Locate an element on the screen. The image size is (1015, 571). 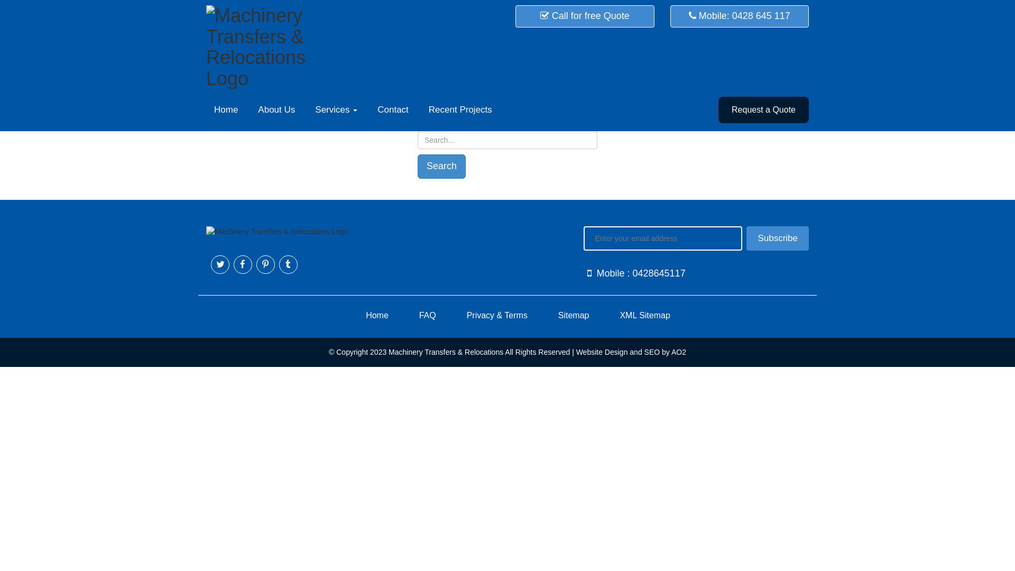
'FAQ' is located at coordinates (428, 315).